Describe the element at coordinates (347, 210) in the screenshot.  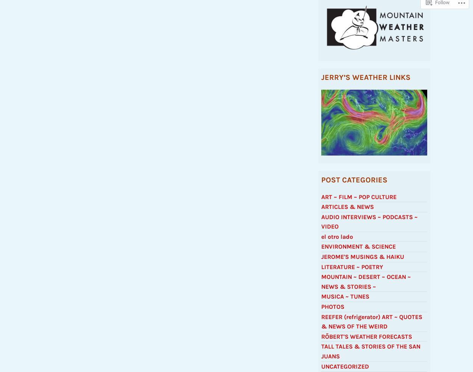
I see `'ARTICLES & NEWS'` at that location.